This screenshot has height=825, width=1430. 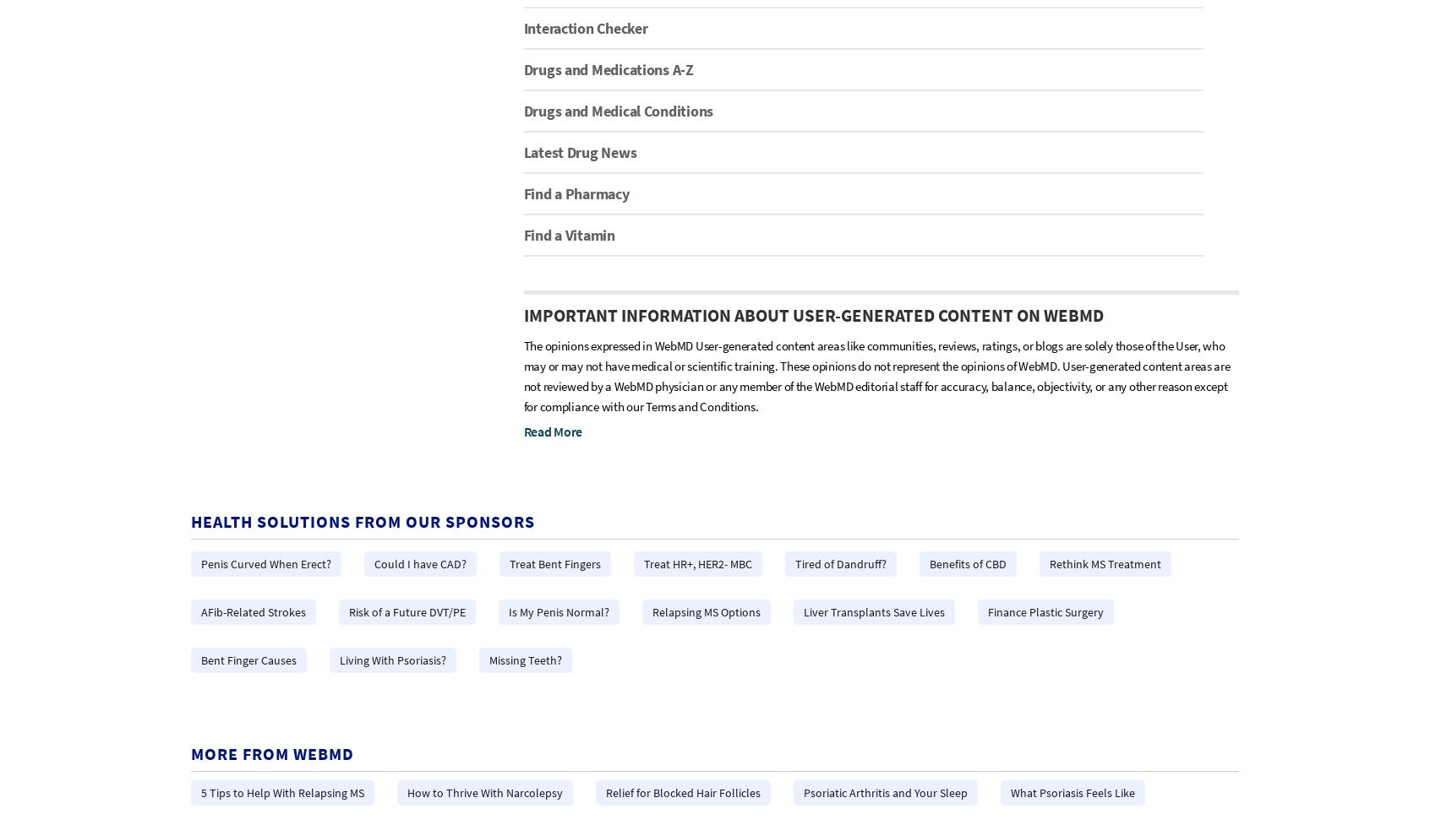 I want to click on 'company. All rights reserved. WebMD does not provide medical advice, diagnosis or treatment.', so click(x=386, y=732).